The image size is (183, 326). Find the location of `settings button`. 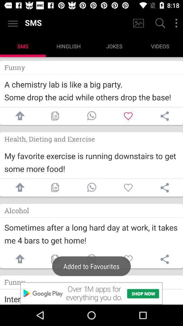

settings button is located at coordinates (176, 23).